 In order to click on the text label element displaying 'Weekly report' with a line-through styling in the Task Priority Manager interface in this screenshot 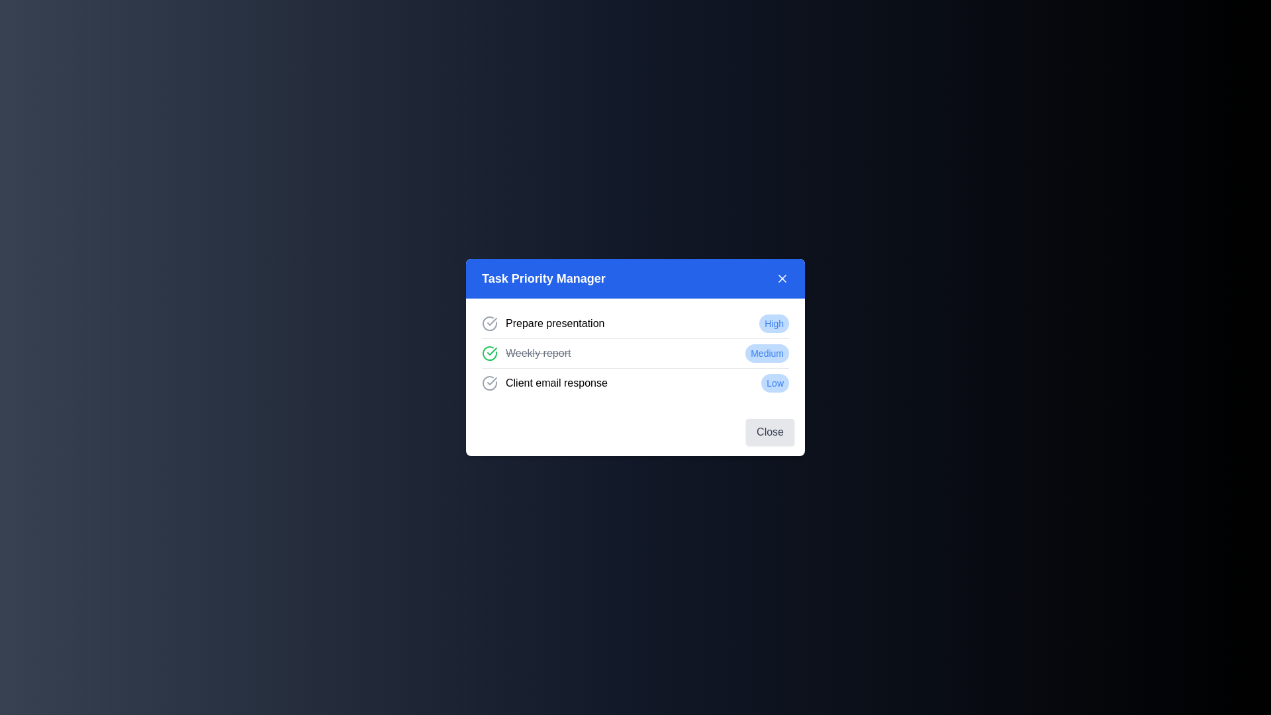, I will do `click(526, 352)`.